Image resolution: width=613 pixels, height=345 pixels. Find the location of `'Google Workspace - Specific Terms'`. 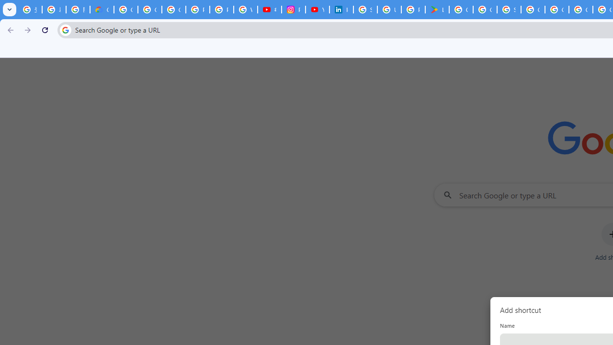

'Google Workspace - Specific Terms' is located at coordinates (485, 10).